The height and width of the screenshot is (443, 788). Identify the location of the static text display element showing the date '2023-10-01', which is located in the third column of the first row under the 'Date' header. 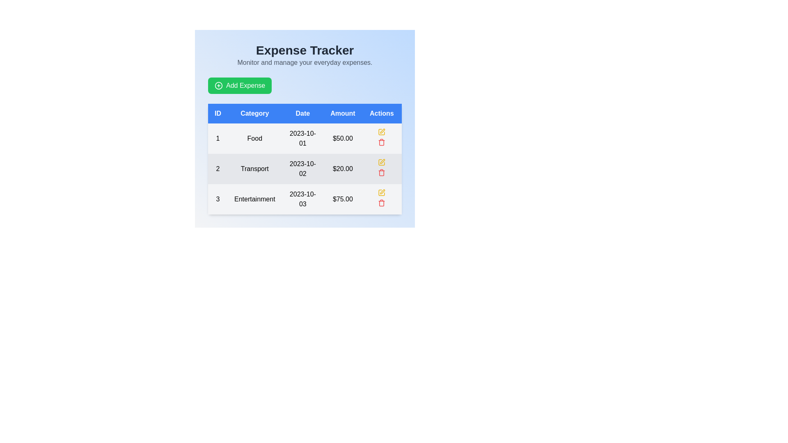
(302, 138).